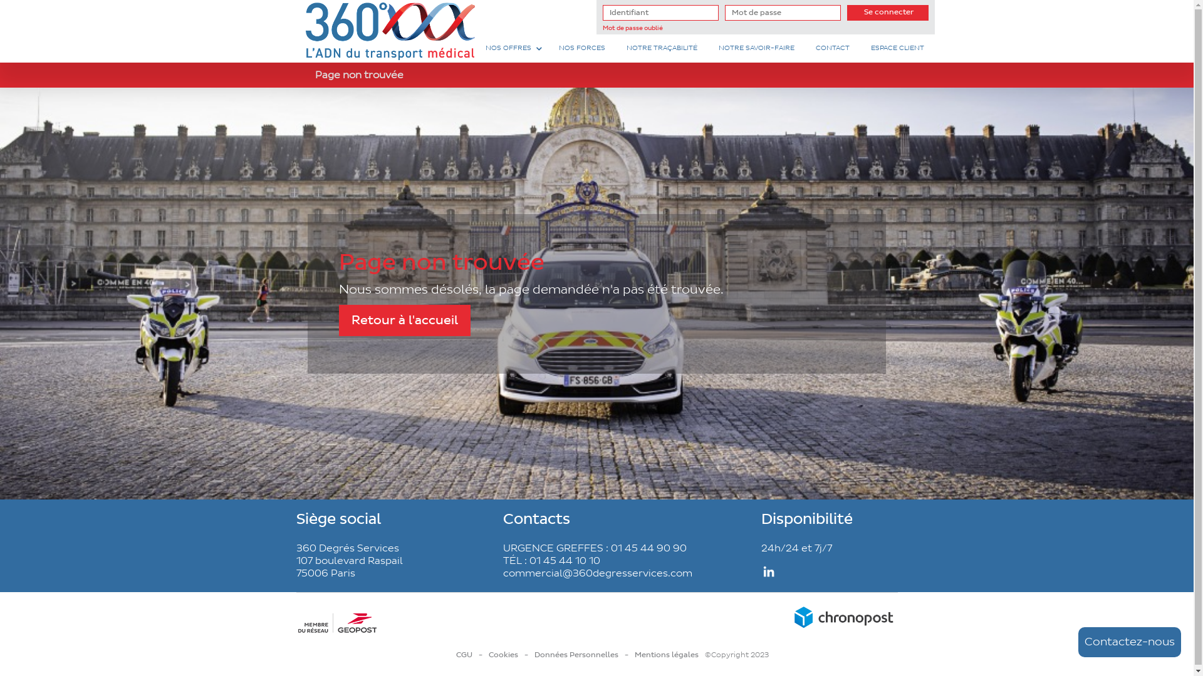 This screenshot has width=1203, height=676. I want to click on 'Se connecter', so click(847, 13).